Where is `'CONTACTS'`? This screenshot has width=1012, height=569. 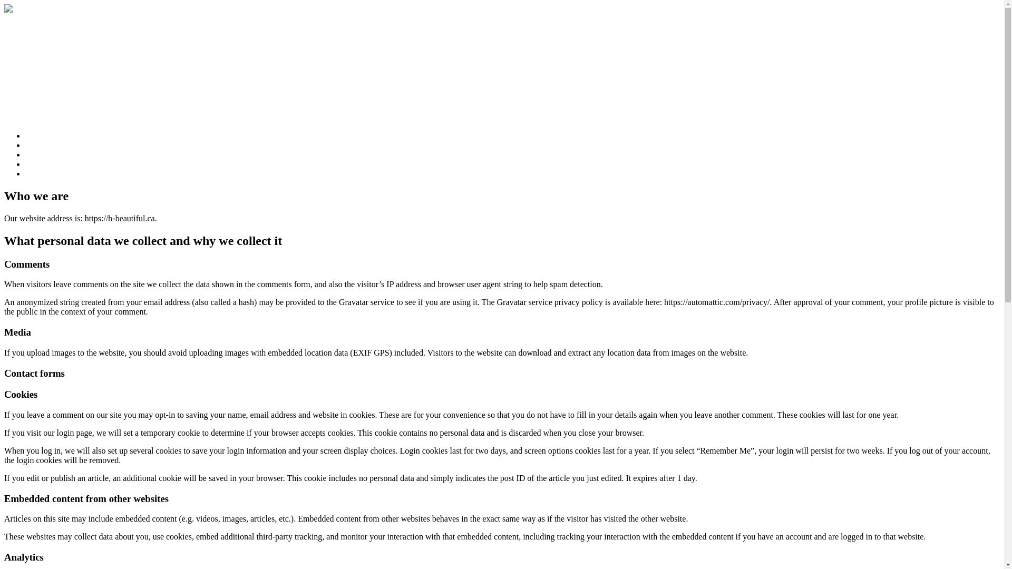 'CONTACTS' is located at coordinates (46, 173).